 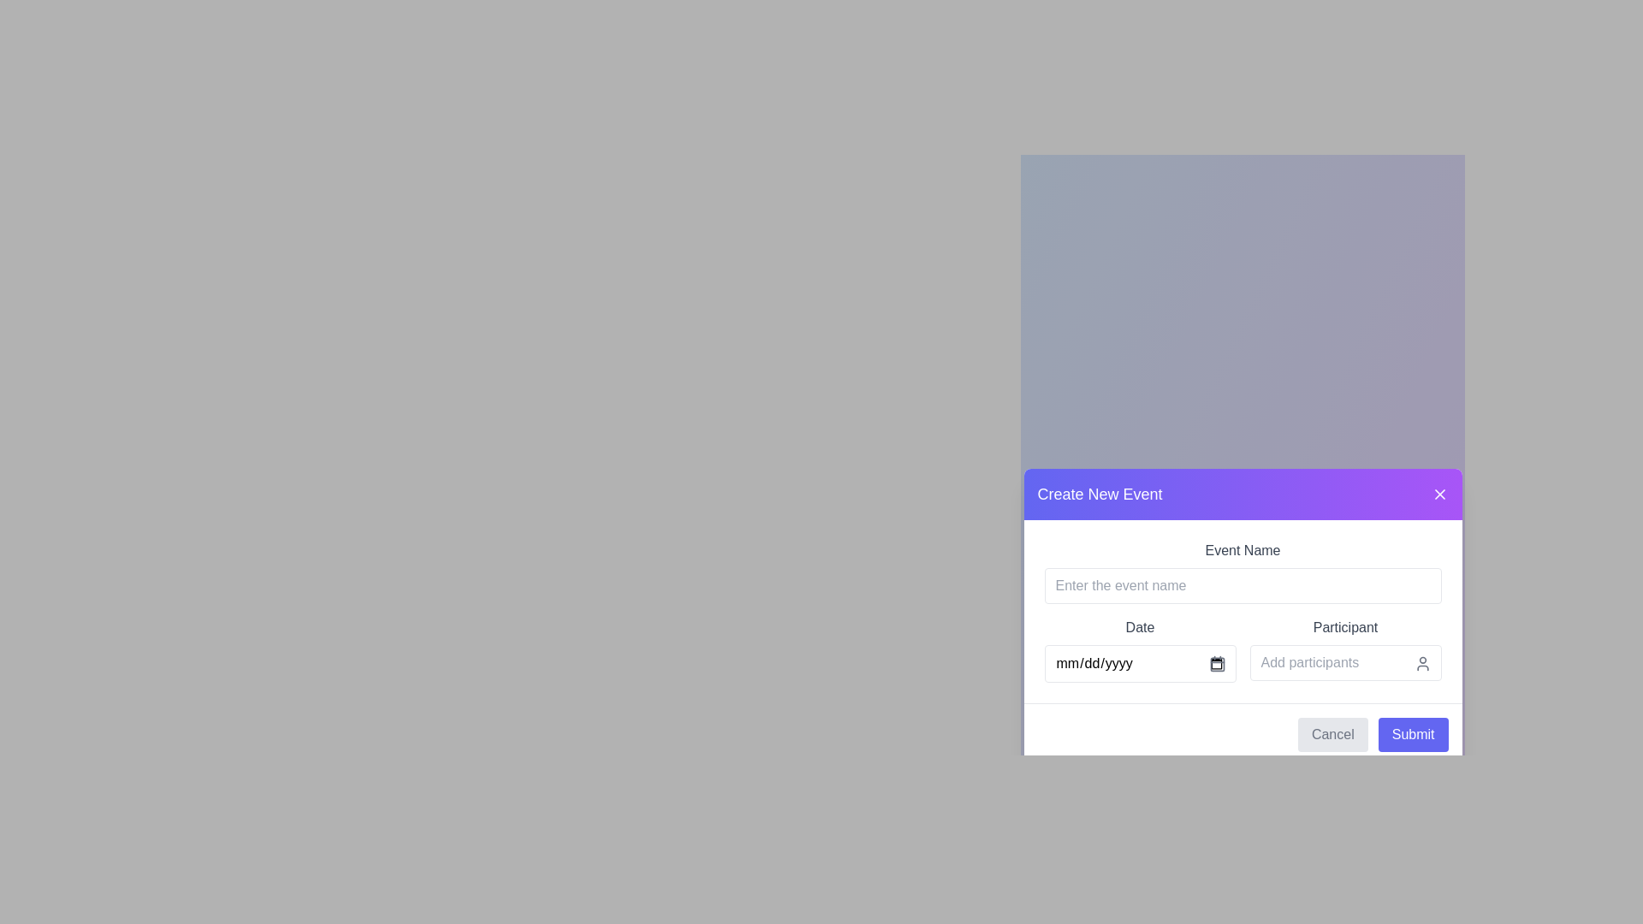 What do you see at coordinates (1216, 663) in the screenshot?
I see `the small rectangular icon with rounded corners located in the 'Create New Event' modal to the right of the placeholder text 'mm/dd/yyyy'` at bounding box center [1216, 663].